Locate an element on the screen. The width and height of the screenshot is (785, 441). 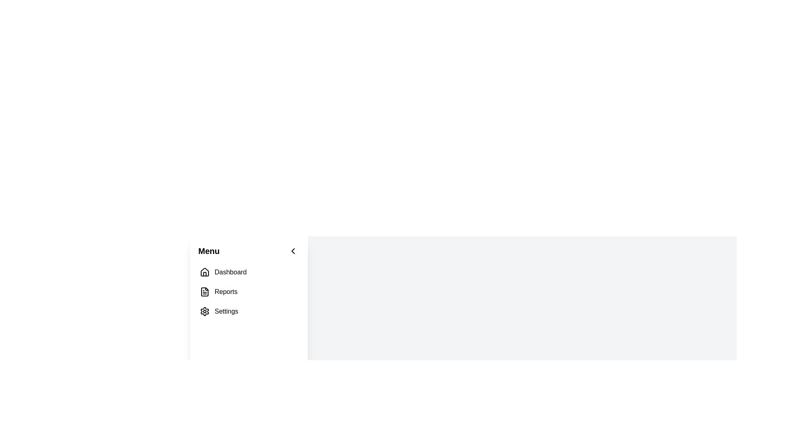
the 'Settings' text label in the lower part of the vertical menu on the left side of the interface, which is the third item under 'Menu' is located at coordinates (226, 312).